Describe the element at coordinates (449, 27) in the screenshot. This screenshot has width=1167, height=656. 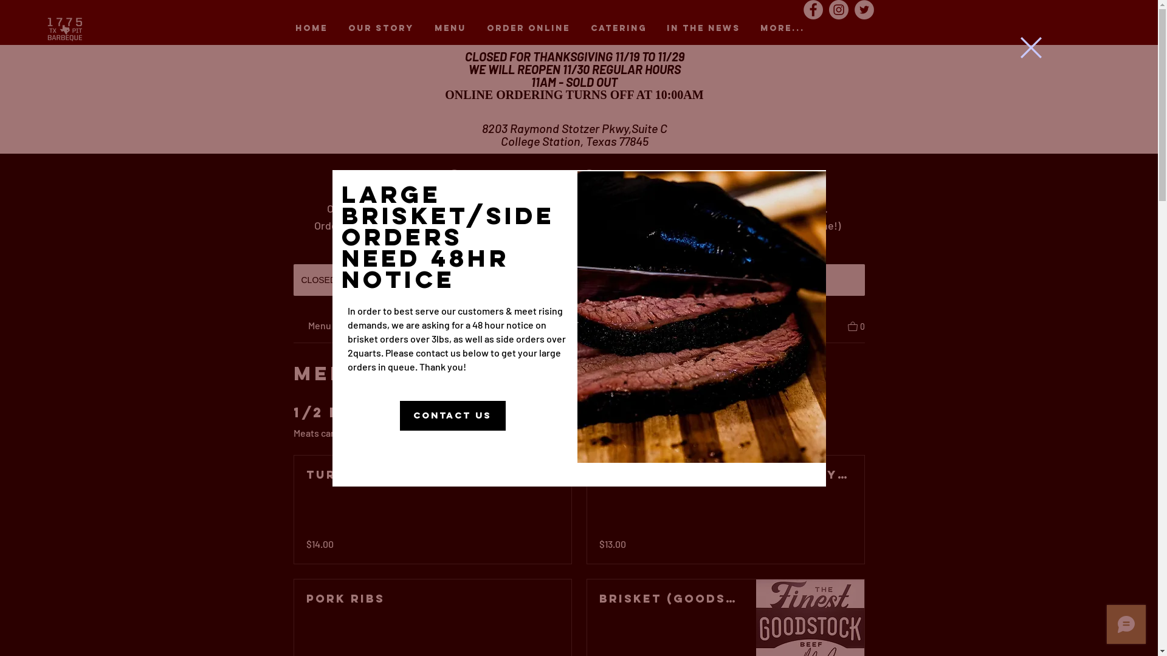
I see `'MENU'` at that location.